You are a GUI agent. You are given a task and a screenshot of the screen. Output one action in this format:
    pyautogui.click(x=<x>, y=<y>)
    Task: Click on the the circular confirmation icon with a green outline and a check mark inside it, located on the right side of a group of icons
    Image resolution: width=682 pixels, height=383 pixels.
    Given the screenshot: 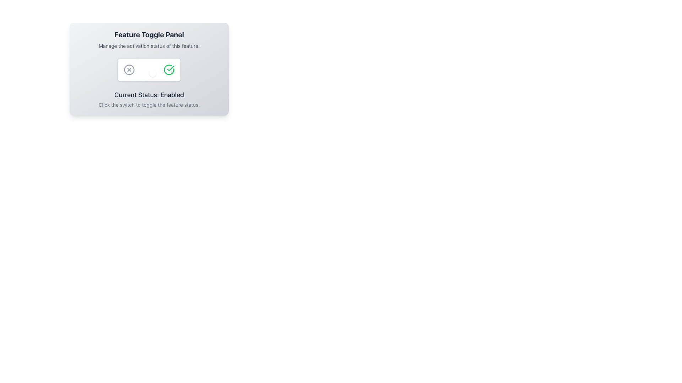 What is the action you would take?
    pyautogui.click(x=168, y=70)
    